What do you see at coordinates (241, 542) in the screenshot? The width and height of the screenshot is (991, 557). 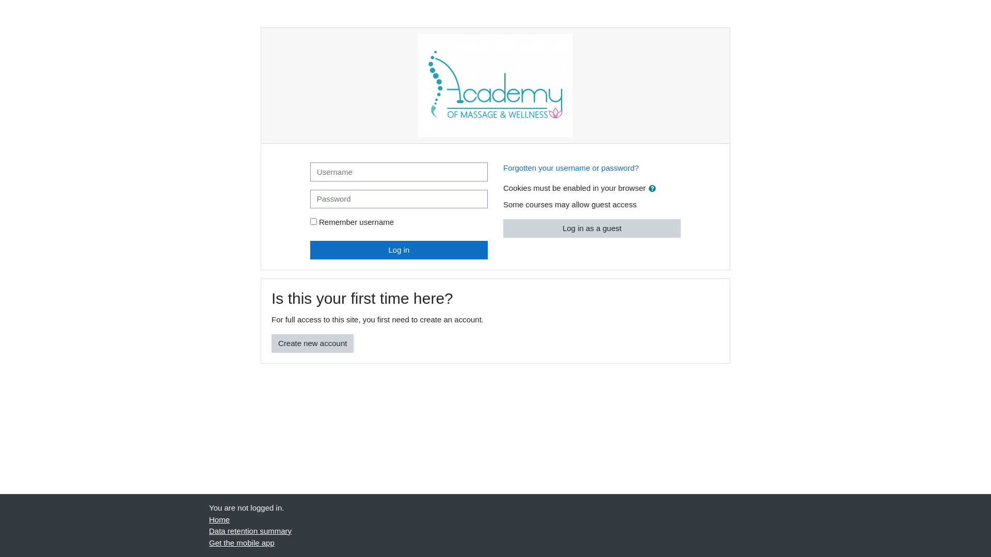 I see `'Get the mobile app'` at bounding box center [241, 542].